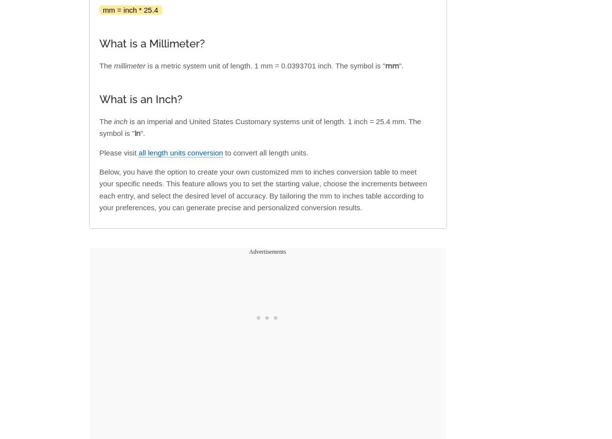 Image resolution: width=612 pixels, height=439 pixels. What do you see at coordinates (130, 9) in the screenshot?
I see `'mm = inch * 25.4'` at bounding box center [130, 9].